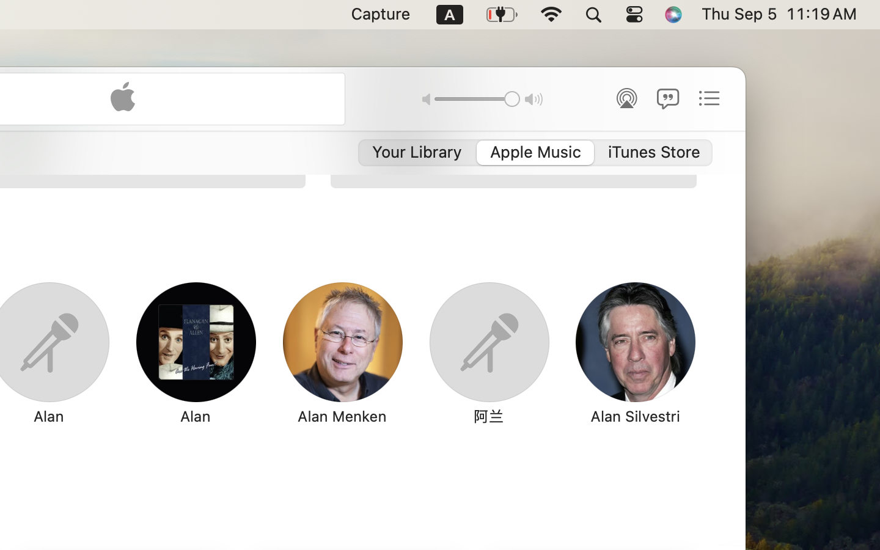 The width and height of the screenshot is (880, 550). Describe the element at coordinates (476, 98) in the screenshot. I see `'1.0'` at that location.